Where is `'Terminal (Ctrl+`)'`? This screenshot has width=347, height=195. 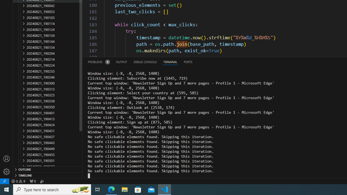 'Terminal (Ctrl+`)' is located at coordinates (170, 61).